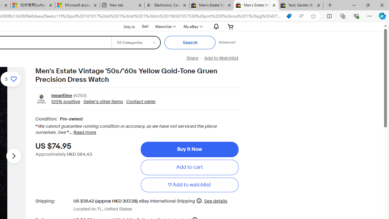 The image size is (389, 219). I want to click on 'AutomationID: gh-eb-Alerts', so click(215, 26).